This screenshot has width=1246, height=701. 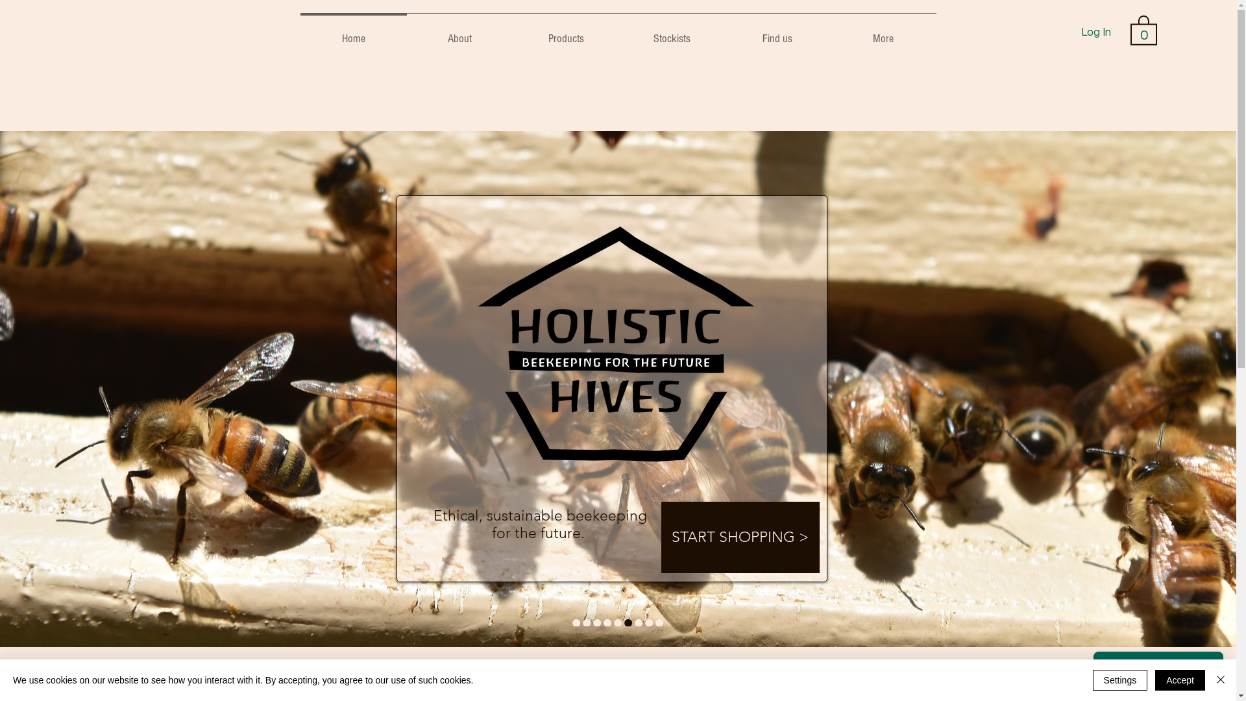 What do you see at coordinates (565, 32) in the screenshot?
I see `'Products'` at bounding box center [565, 32].